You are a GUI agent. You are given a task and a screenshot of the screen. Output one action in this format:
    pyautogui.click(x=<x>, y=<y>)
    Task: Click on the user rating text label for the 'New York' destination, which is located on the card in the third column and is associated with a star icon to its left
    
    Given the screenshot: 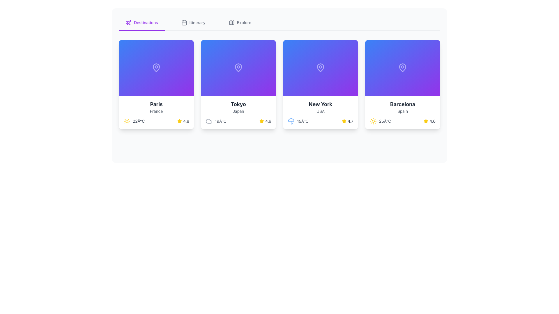 What is the action you would take?
    pyautogui.click(x=350, y=121)
    